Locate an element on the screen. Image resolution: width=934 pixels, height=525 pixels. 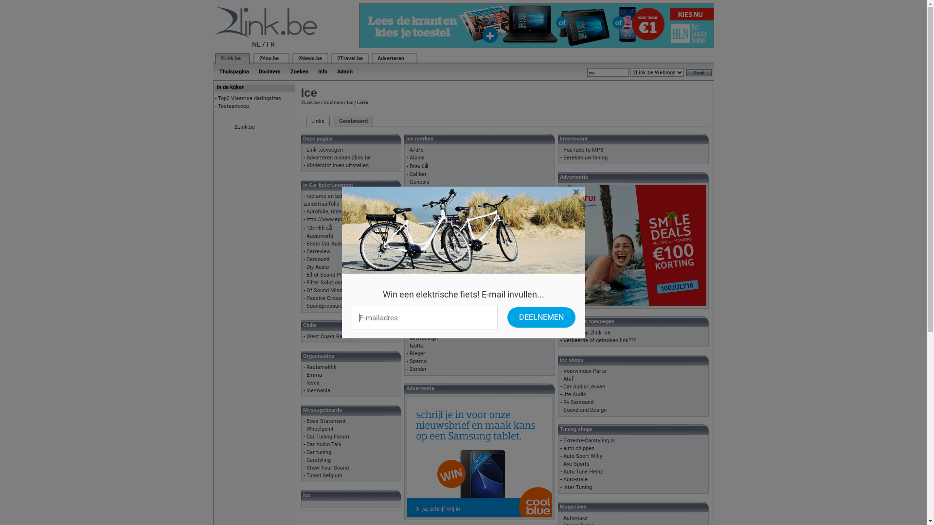
'12v Hifi' is located at coordinates (315, 228).